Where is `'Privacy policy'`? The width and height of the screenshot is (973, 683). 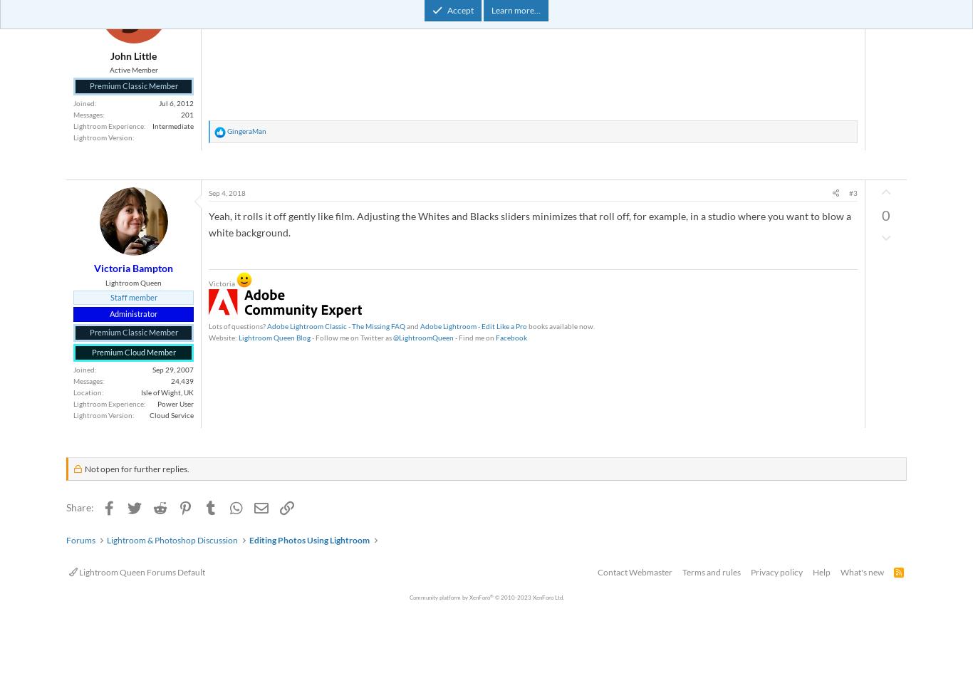 'Privacy policy' is located at coordinates (776, 572).